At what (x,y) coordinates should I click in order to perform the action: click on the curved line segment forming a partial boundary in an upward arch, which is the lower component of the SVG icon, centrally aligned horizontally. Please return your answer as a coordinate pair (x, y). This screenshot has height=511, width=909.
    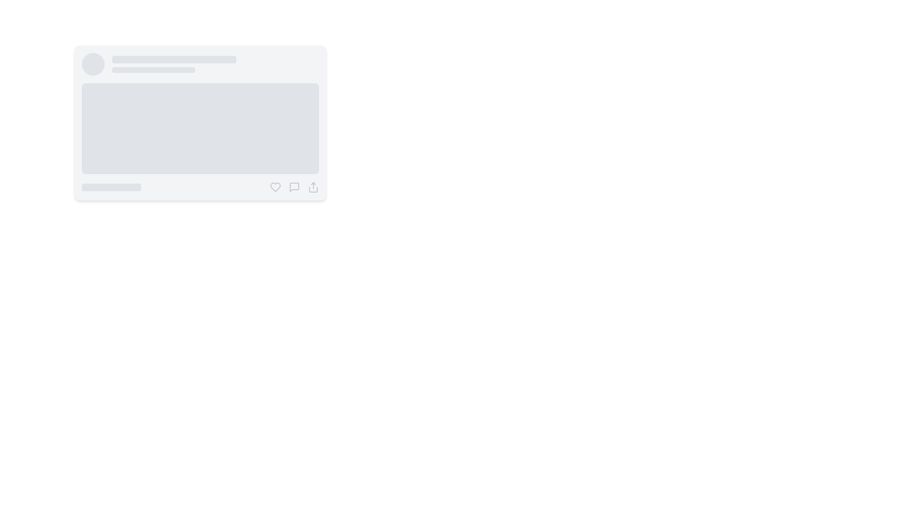
    Looking at the image, I should click on (313, 190).